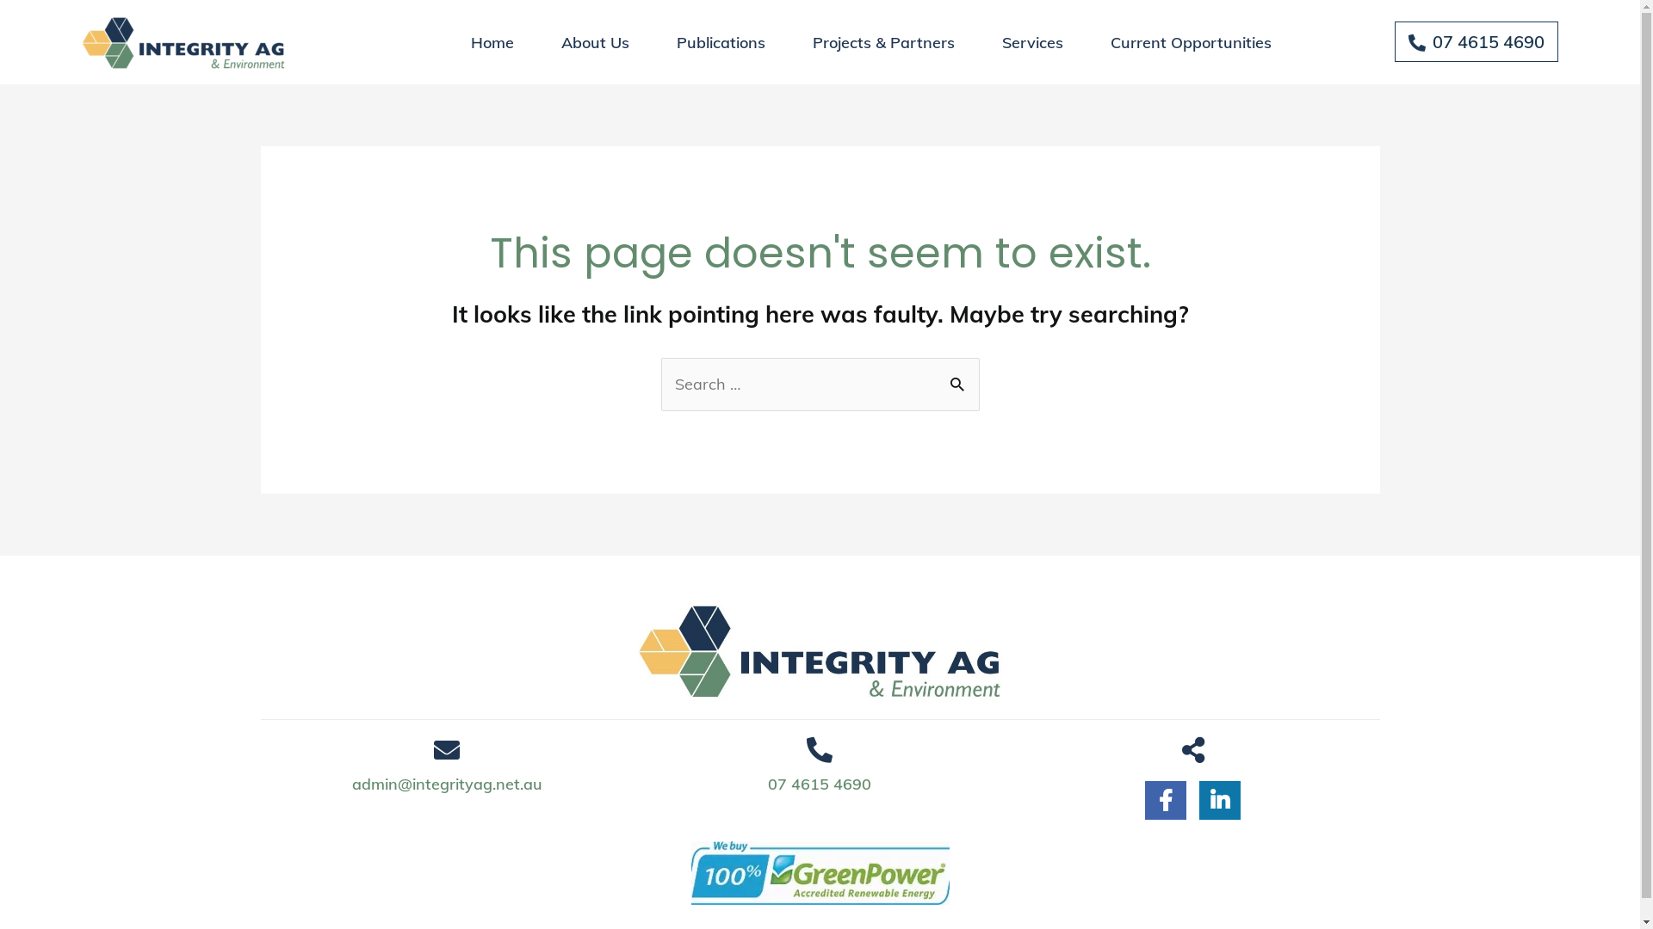 This screenshot has height=929, width=1653. Describe the element at coordinates (789, 41) in the screenshot. I see `'Projects & Partners'` at that location.